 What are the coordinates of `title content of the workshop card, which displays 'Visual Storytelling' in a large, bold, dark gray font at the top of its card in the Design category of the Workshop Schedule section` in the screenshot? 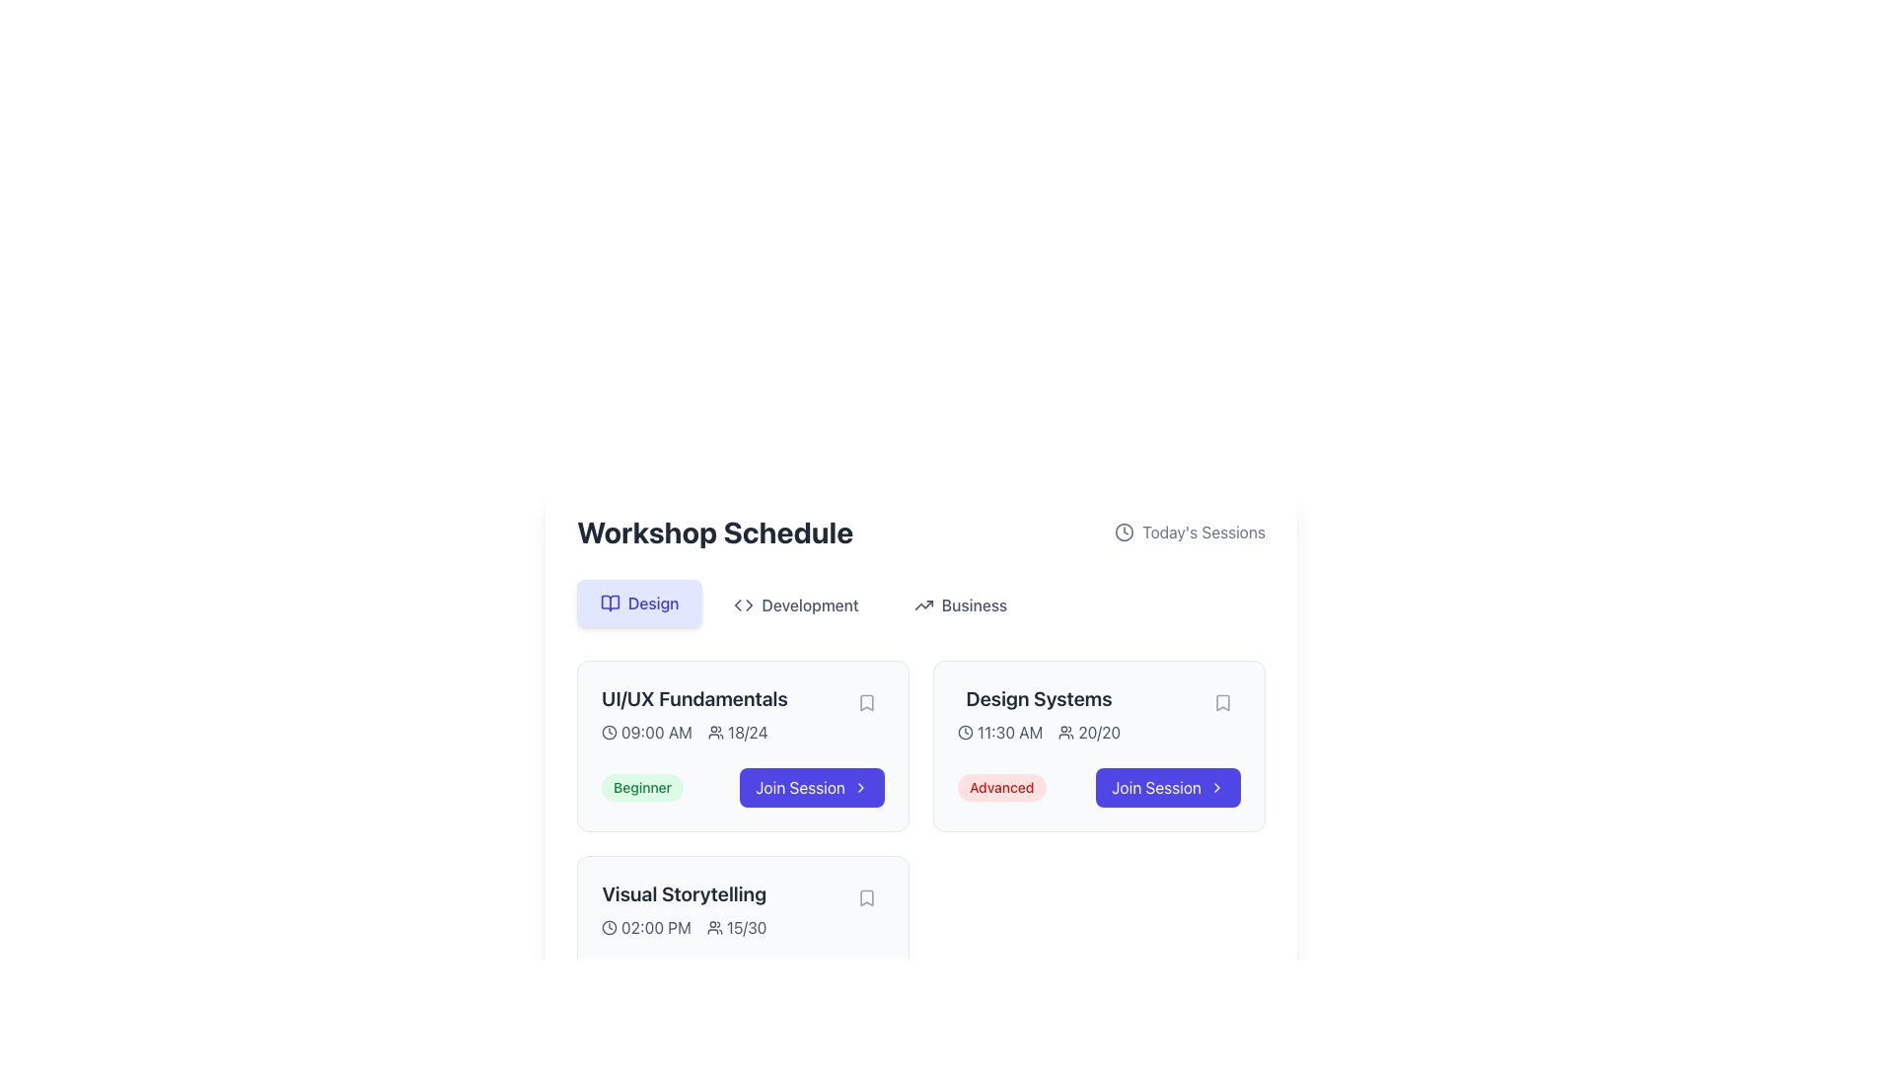 It's located at (684, 893).